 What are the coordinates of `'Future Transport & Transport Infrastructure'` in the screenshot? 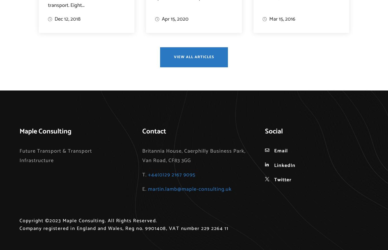 It's located at (55, 155).